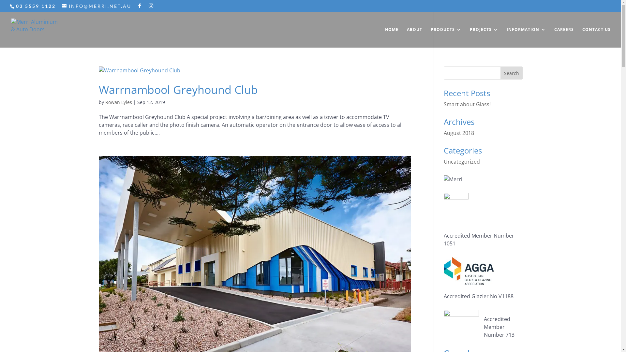 This screenshot has width=626, height=352. Describe the element at coordinates (446, 37) in the screenshot. I see `'PRODUCTS'` at that location.